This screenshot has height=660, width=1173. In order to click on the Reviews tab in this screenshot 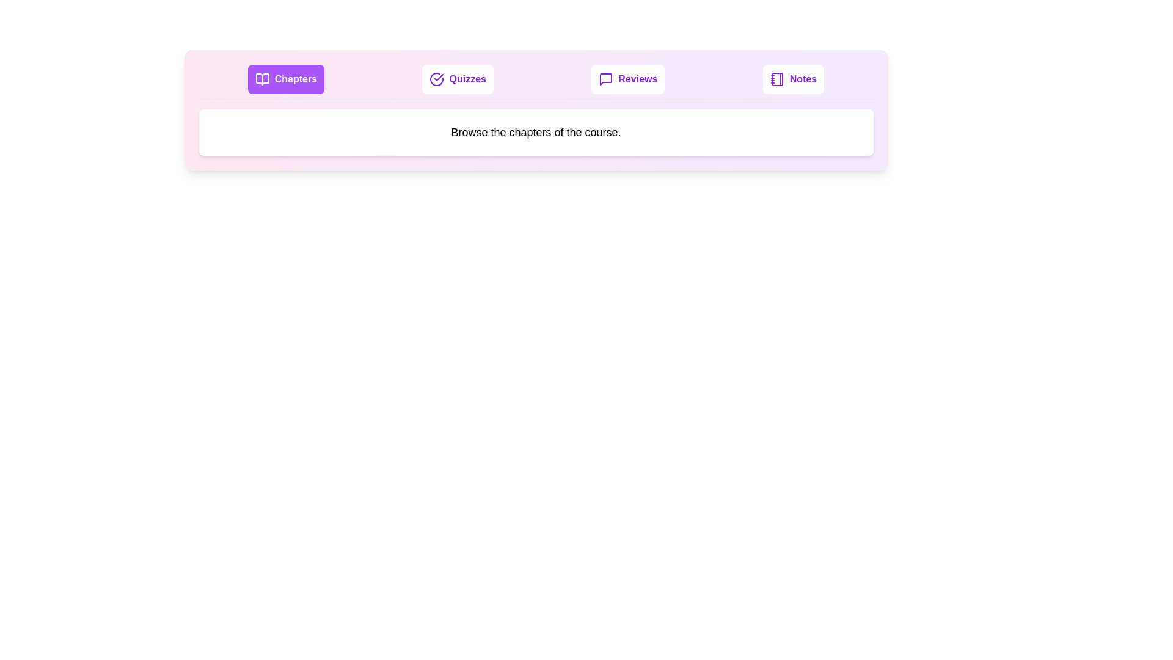, I will do `click(627, 79)`.